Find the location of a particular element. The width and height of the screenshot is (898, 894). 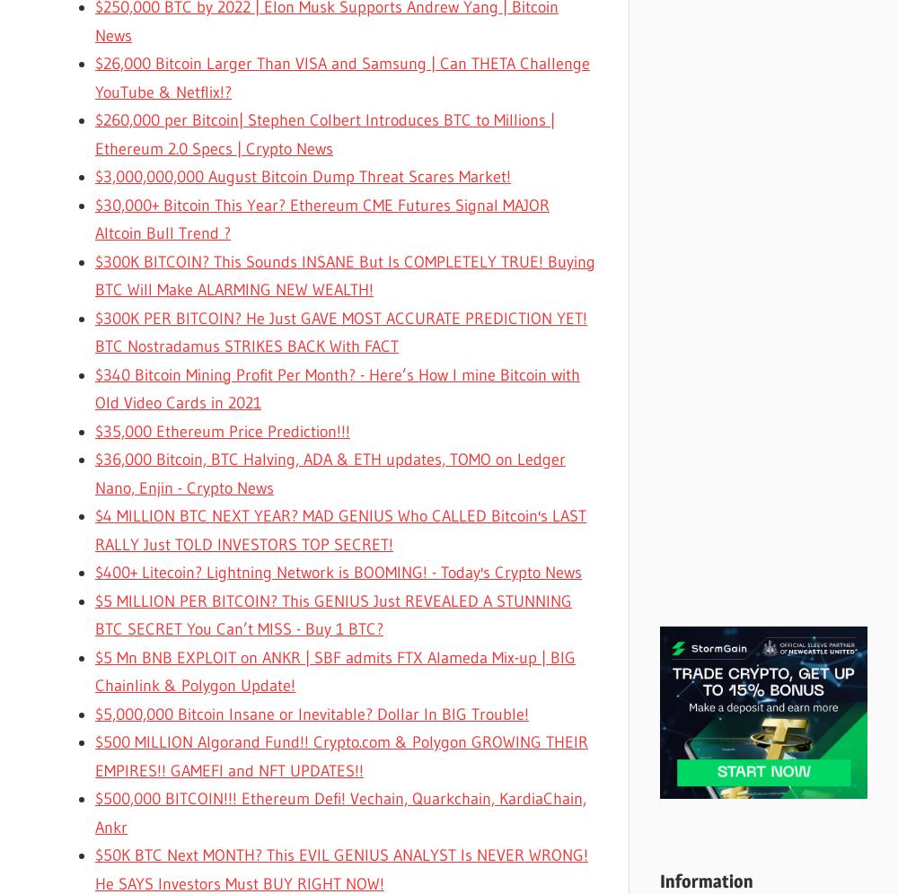

'$500,000 BITCOIN!!! Ethereum Defi! Vechain, Quarkchain, KardiaChain, Ankr' is located at coordinates (94, 811).